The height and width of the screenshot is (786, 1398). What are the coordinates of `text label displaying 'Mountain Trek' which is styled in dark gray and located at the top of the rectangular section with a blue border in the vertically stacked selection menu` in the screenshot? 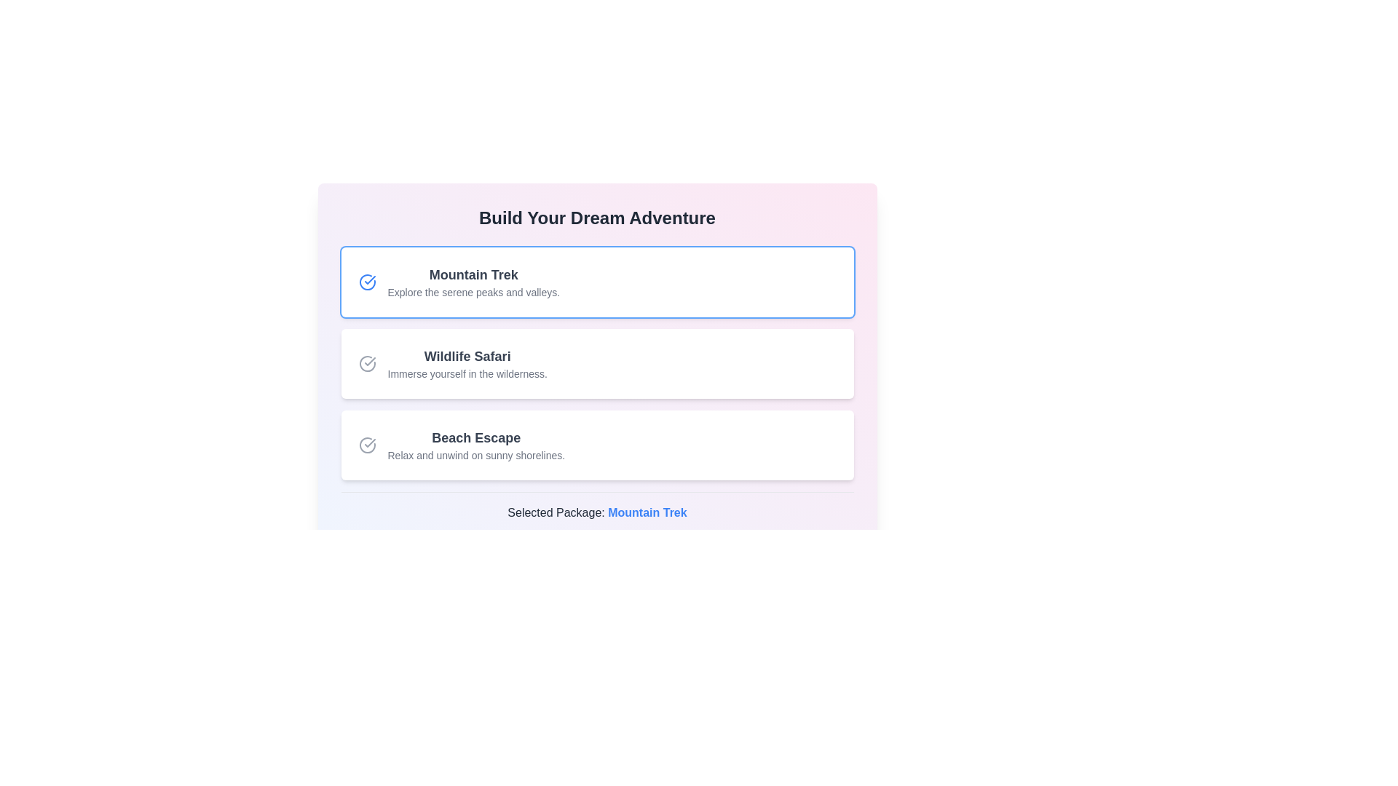 It's located at (473, 275).